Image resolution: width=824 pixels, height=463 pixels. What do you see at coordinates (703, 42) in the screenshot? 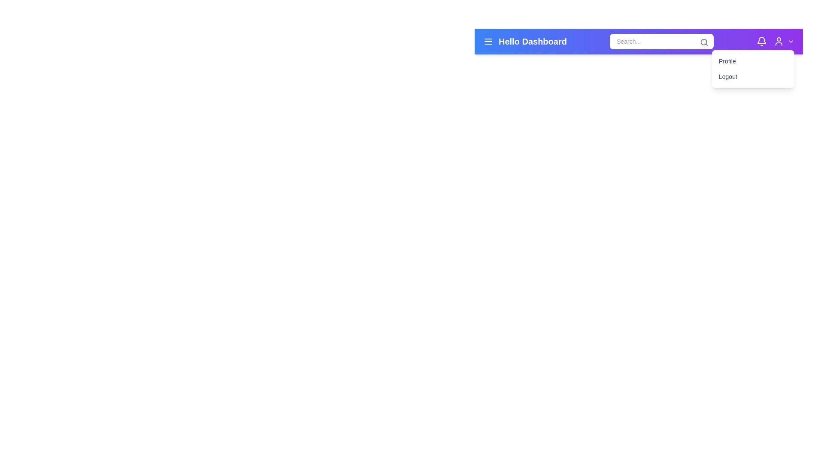
I see `the hollow circular element within the magnifying glass icon located on the right-hand side of the toolbar, near the search bar` at bounding box center [703, 42].